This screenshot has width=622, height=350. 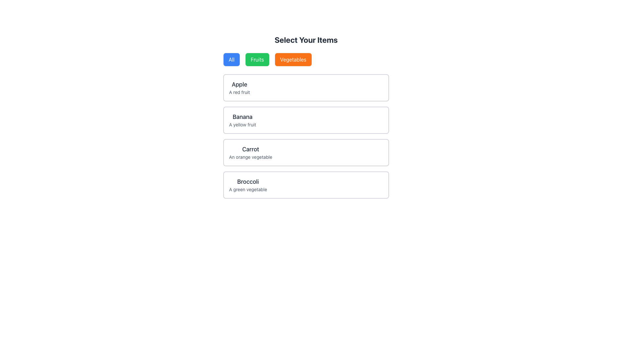 I want to click on the static text label displaying 'Broccoli', which is prominently styled in a large bold font and located in the bottom right of the selection interface, so click(x=248, y=181).